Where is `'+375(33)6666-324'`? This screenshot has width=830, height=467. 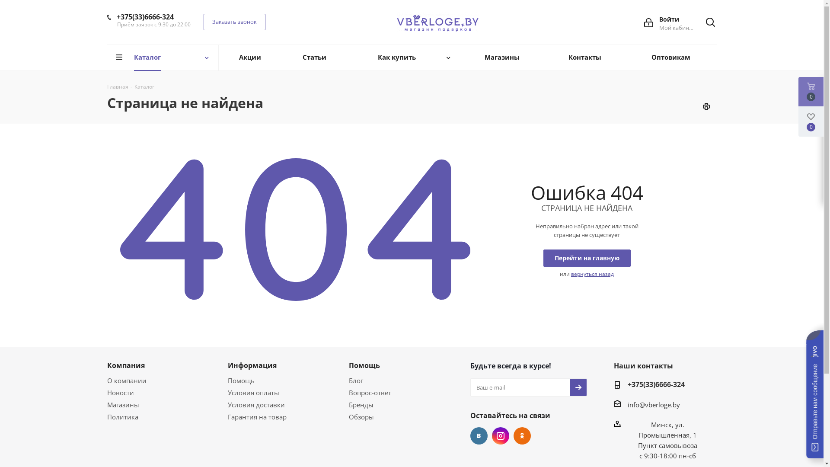 '+375(33)6666-324' is located at coordinates (145, 16).